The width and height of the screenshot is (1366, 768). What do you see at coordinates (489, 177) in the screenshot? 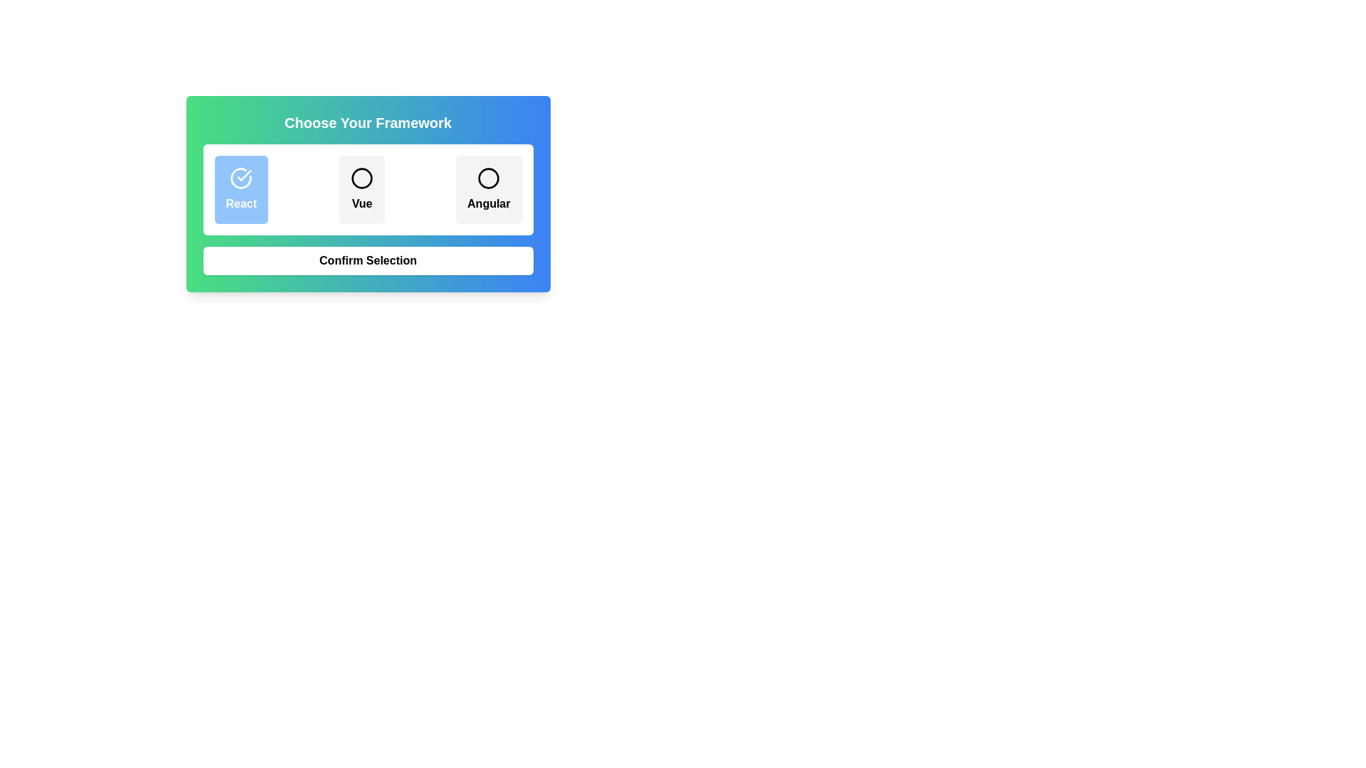
I see `the state change of the SVG Circle that signifies the selection of the Angular option in the framework selection menu, located between the Vue option and the Confirm Selection button` at bounding box center [489, 177].